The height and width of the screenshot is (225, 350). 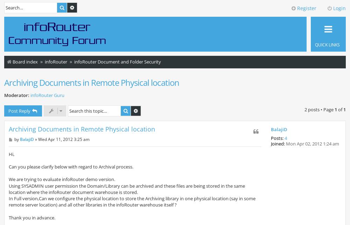 What do you see at coordinates (277, 138) in the screenshot?
I see `'Posts:'` at bounding box center [277, 138].